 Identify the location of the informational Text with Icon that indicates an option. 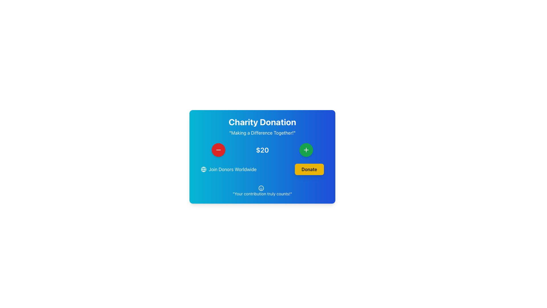
(228, 169).